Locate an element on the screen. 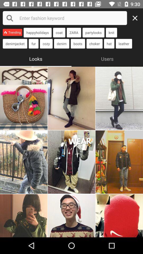  the icon to the right of looks icon is located at coordinates (107, 58).